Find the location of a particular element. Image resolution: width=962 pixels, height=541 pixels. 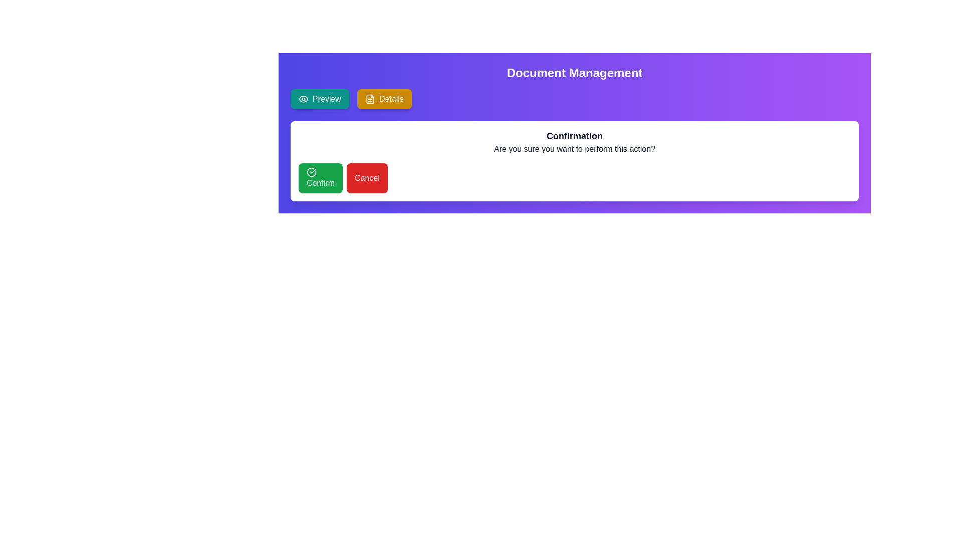

the cancel button, which is the second button from the left under the 'Confirmation' message, located to the right of the green 'Confirm' button is located at coordinates (366, 177).